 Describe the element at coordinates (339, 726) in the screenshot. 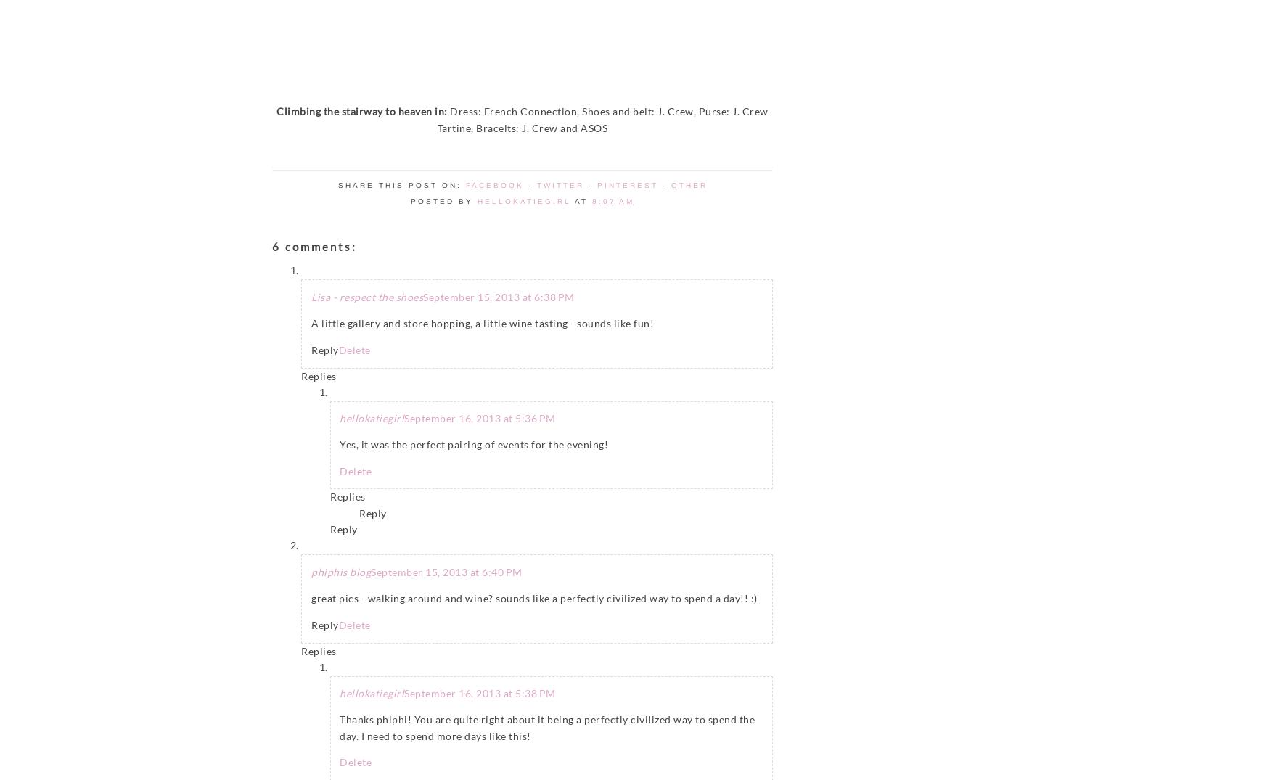

I see `'Thanks phiphi! You are quite right about it being a perfectly civilized way to spend the day. I need to spend more days like this!'` at that location.